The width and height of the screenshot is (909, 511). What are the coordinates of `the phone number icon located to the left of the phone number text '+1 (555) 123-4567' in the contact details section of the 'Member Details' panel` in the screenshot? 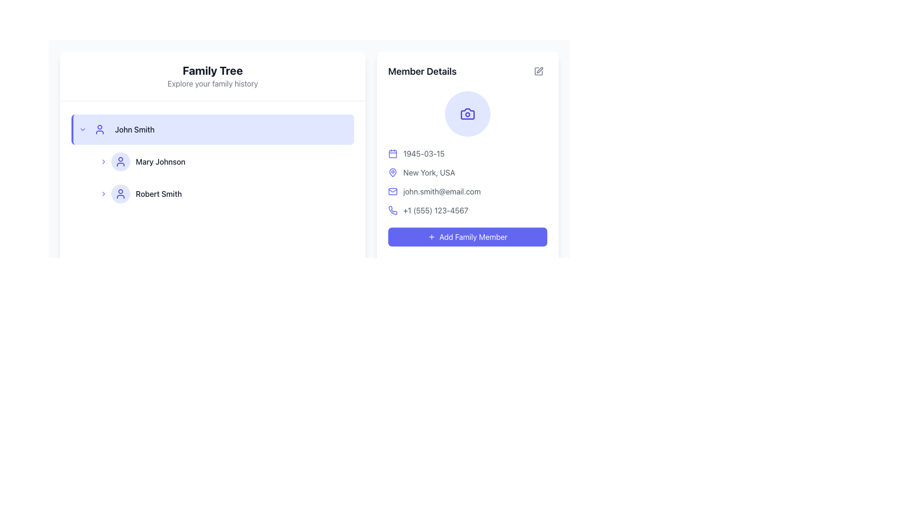 It's located at (393, 210).